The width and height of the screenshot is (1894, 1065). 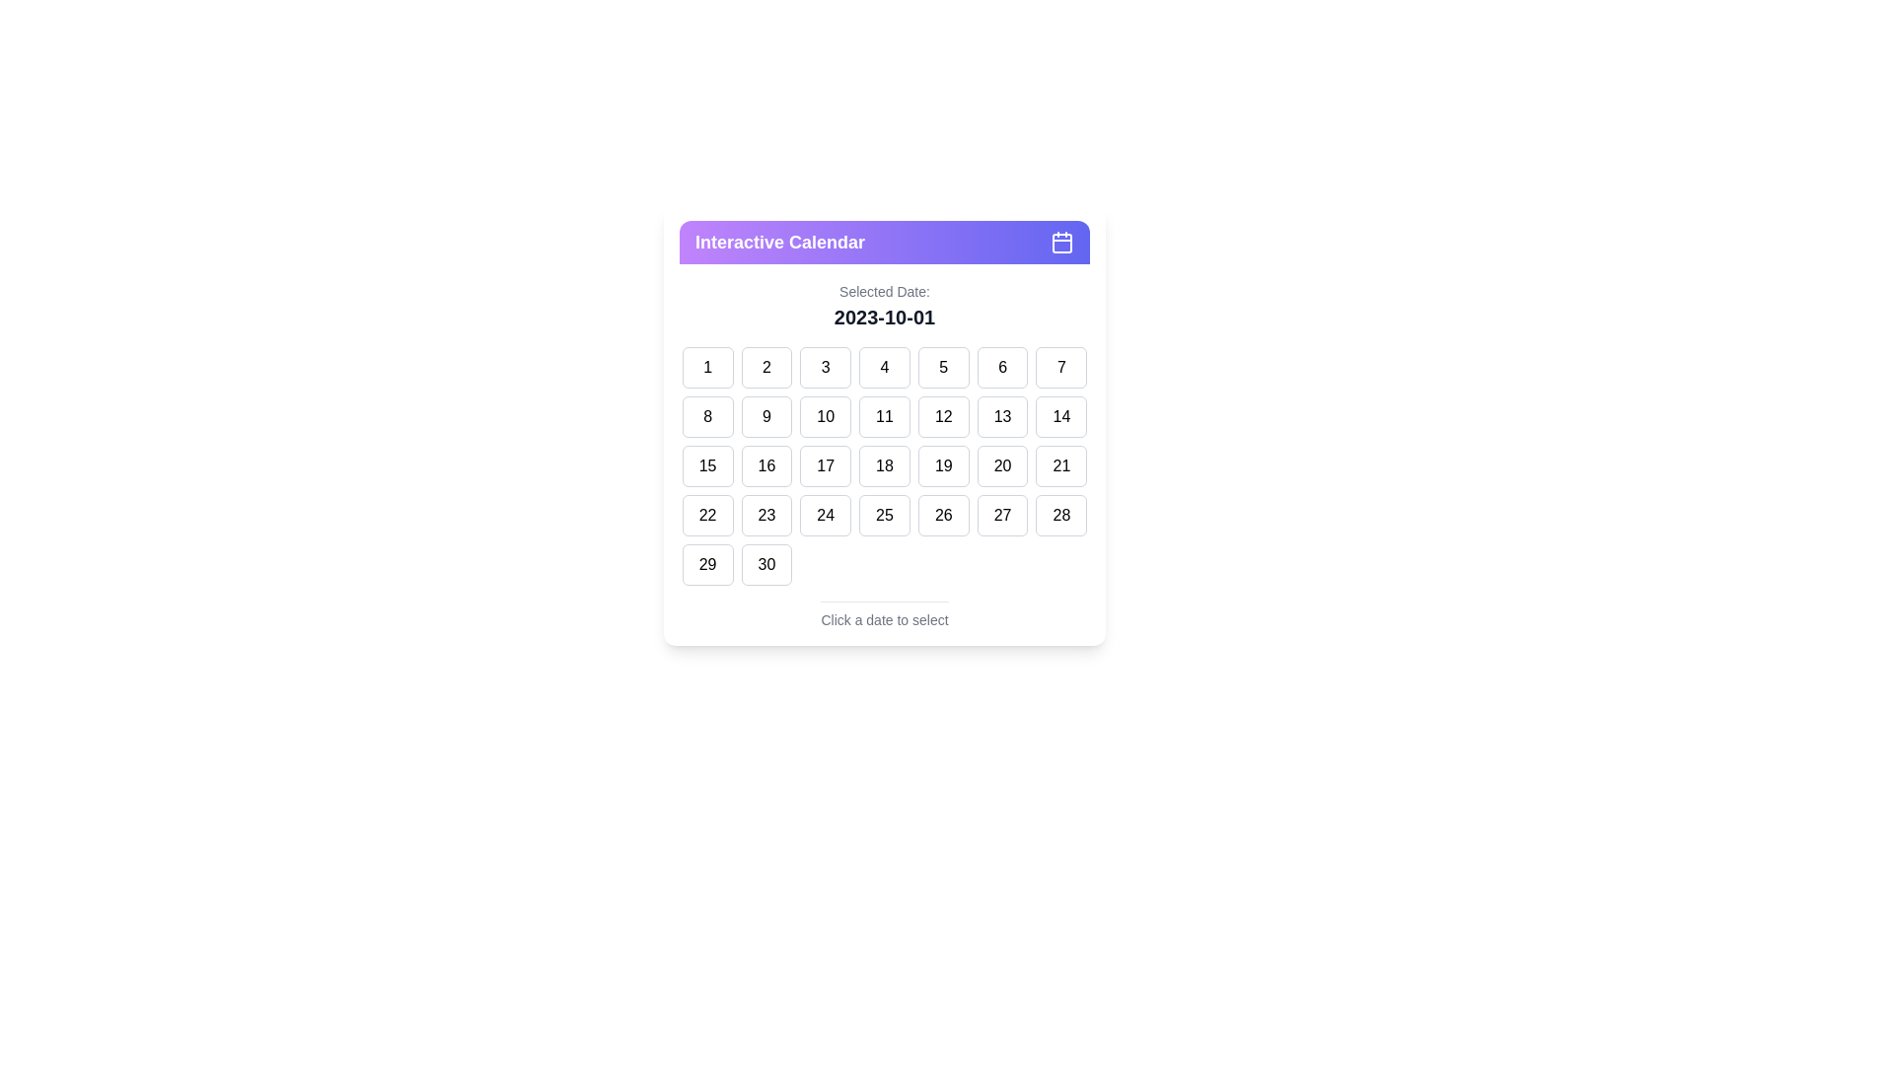 I want to click on the button representing the sixth day (2023-10-06) in the Interactive Calendar to trigger a hover effect, so click(x=1002, y=368).